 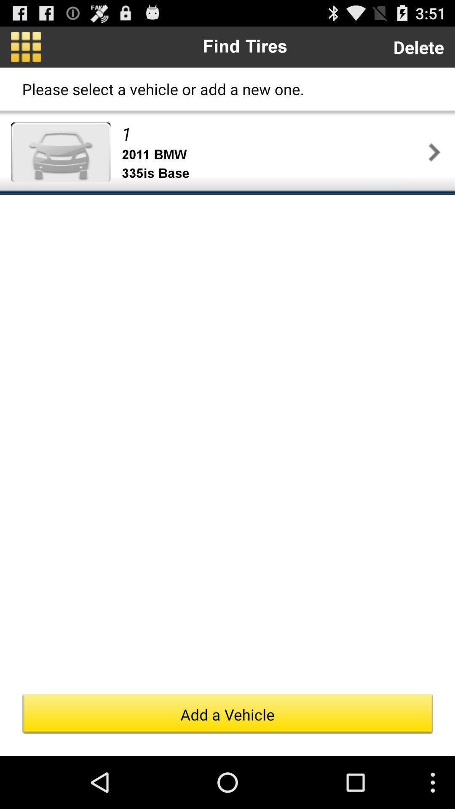 I want to click on delete app, so click(x=418, y=46).